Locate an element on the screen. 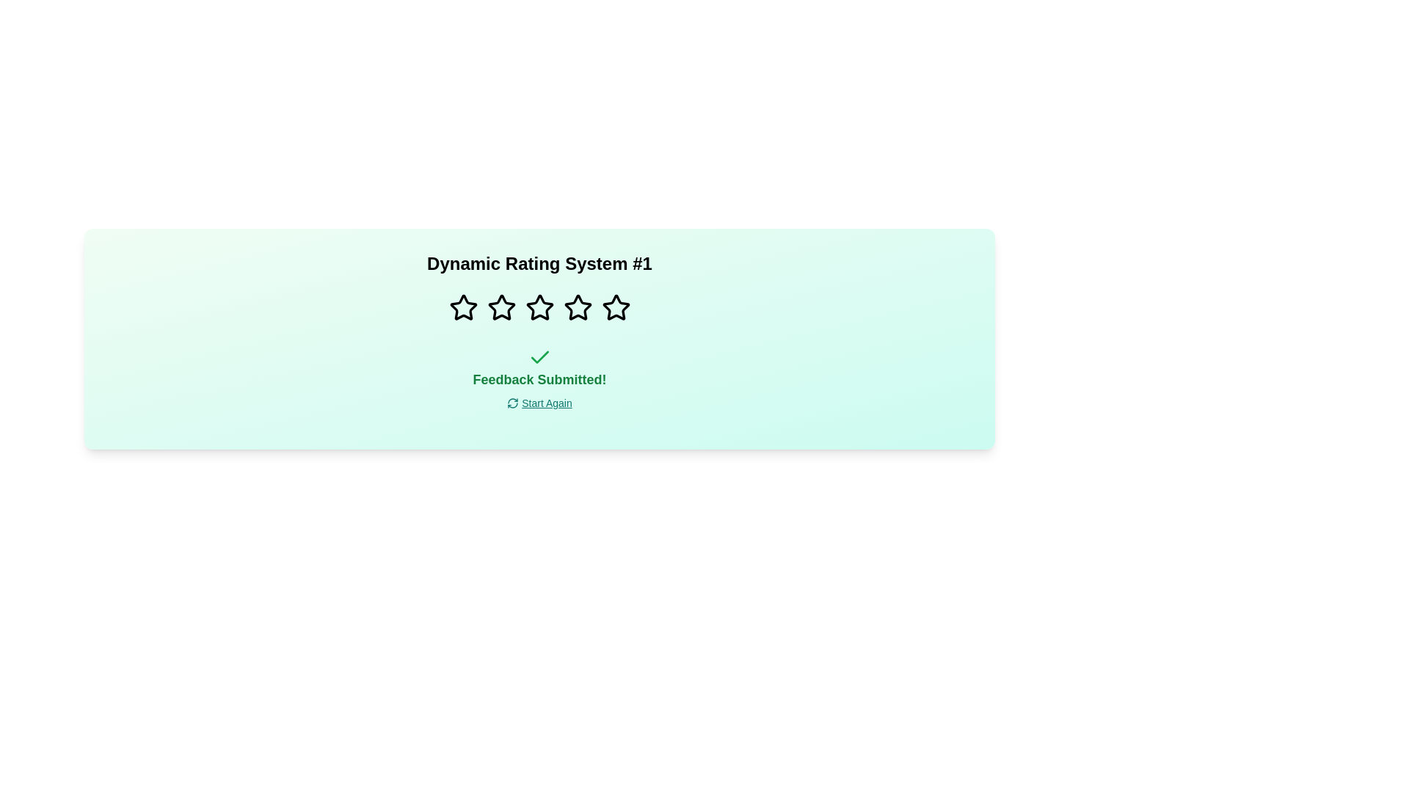 The image size is (1409, 792). the third interactive star icon in the rating system is located at coordinates (539, 307).